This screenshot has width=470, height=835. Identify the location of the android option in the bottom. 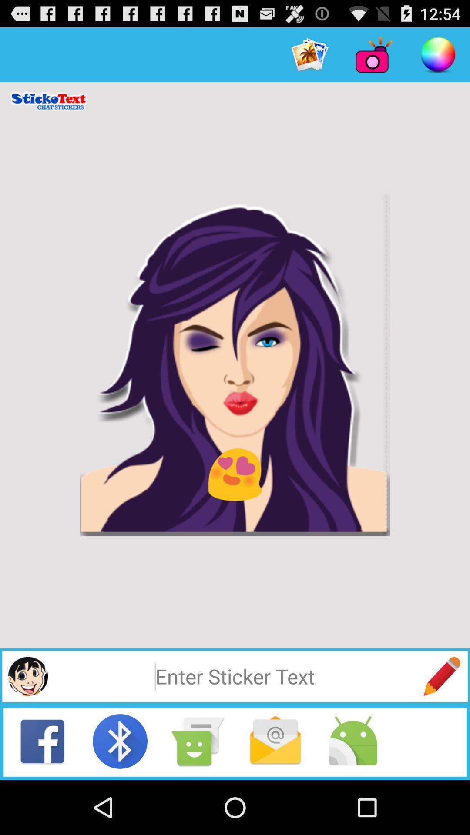
(353, 741).